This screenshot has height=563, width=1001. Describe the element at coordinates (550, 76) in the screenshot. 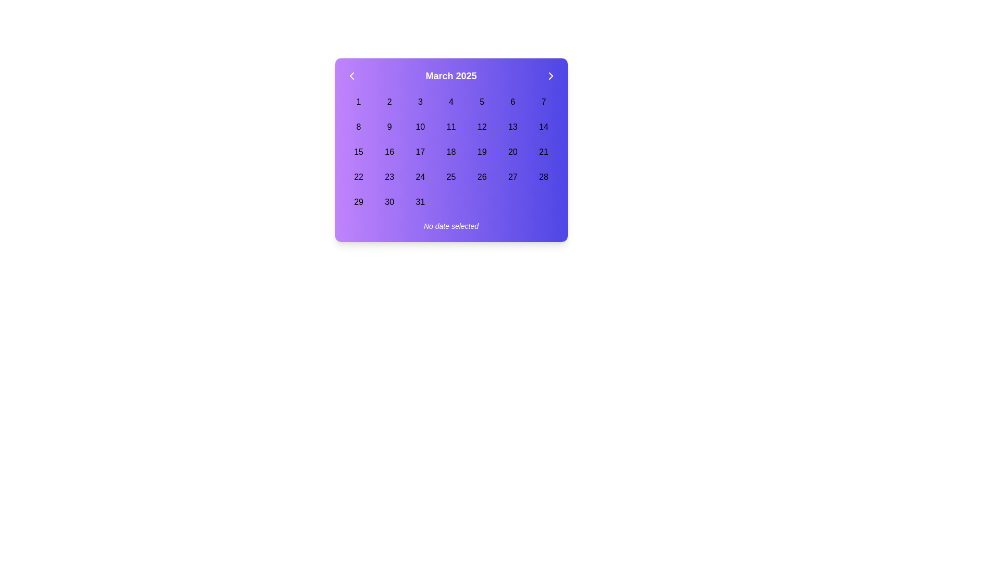

I see `the chevron icon pointing right located at the top-right corner of the calendar interface, next to the 'March 2025' label` at that location.